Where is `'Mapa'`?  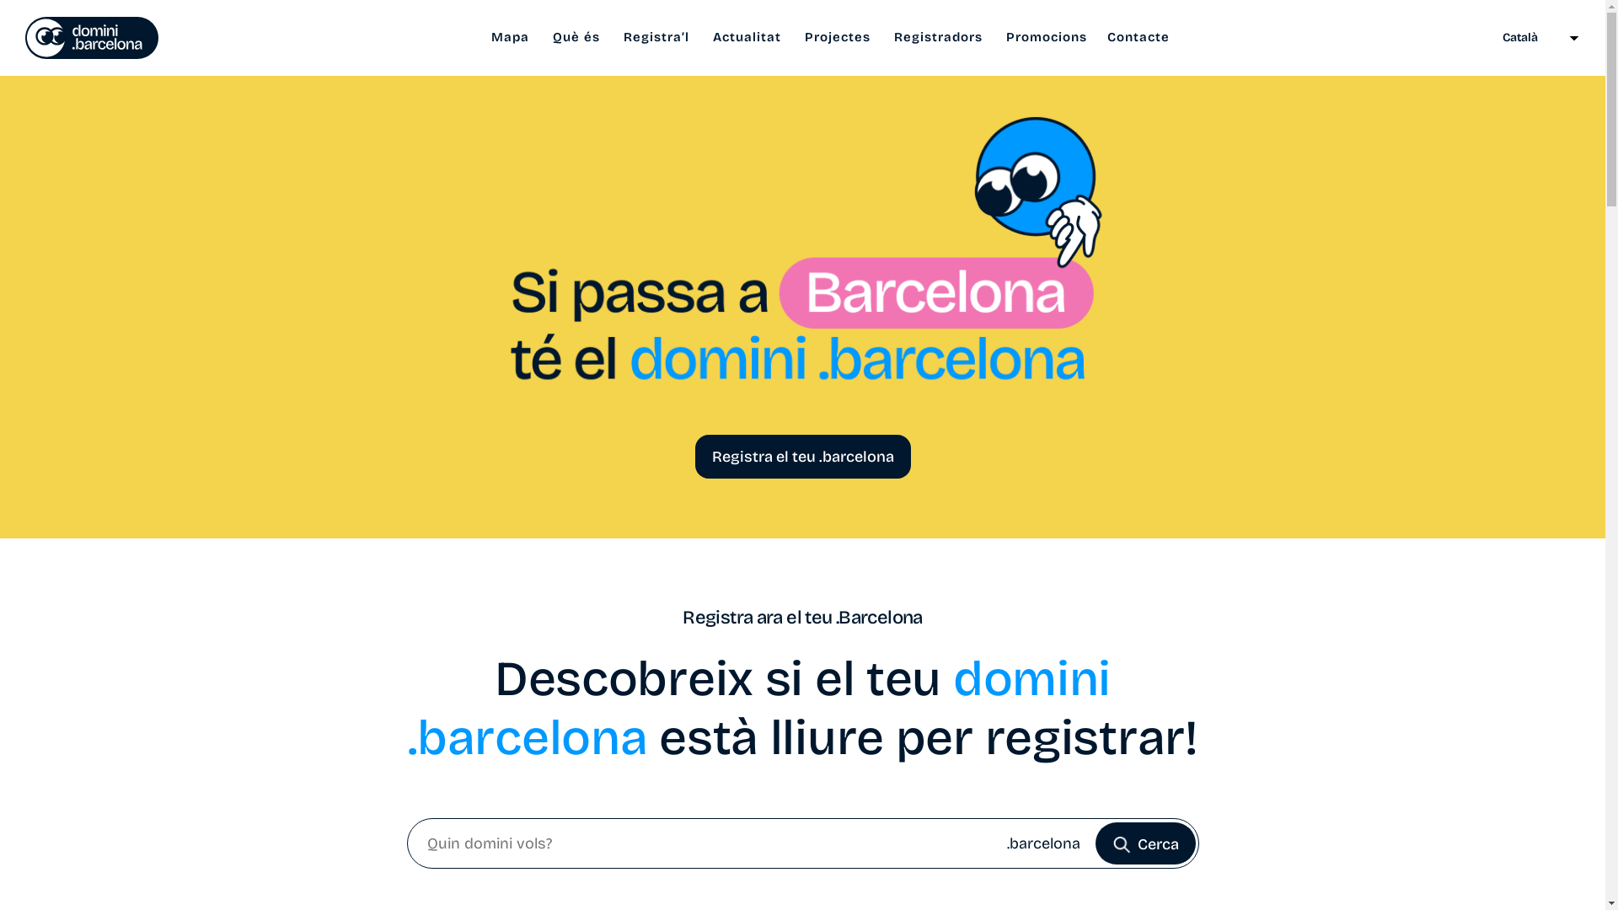
'Mapa' is located at coordinates (509, 37).